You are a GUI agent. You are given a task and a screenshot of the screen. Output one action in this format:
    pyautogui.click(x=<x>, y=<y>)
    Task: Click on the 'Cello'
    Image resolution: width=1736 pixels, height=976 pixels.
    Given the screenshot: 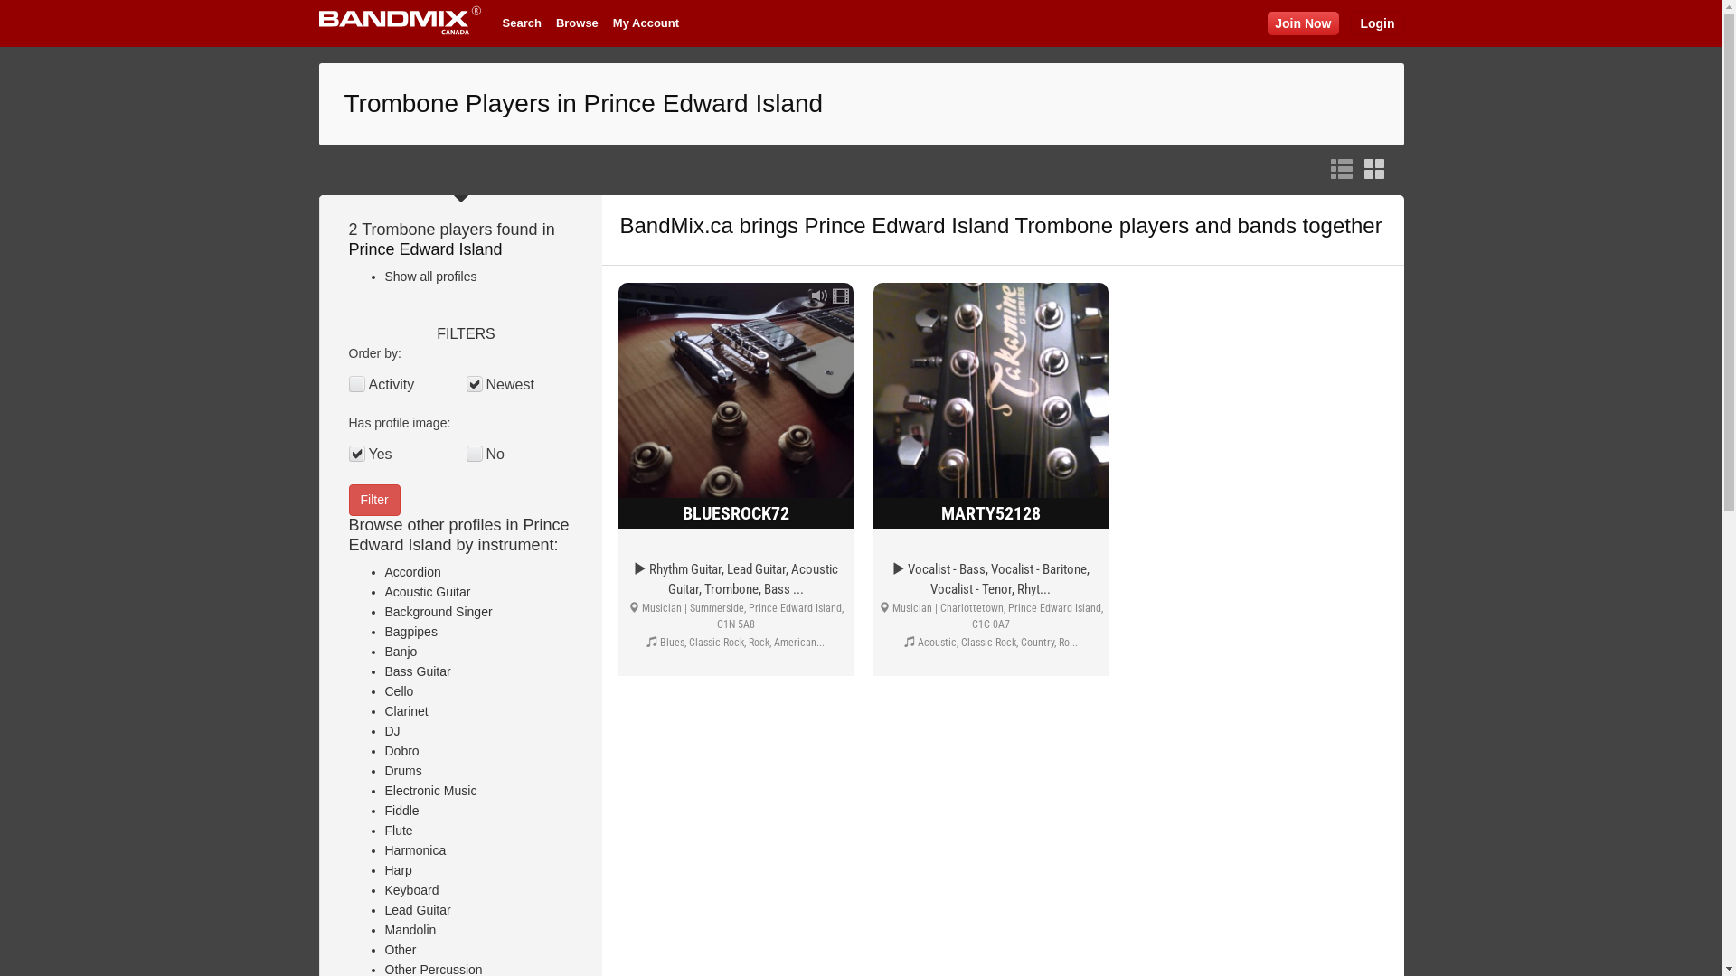 What is the action you would take?
    pyautogui.click(x=398, y=690)
    